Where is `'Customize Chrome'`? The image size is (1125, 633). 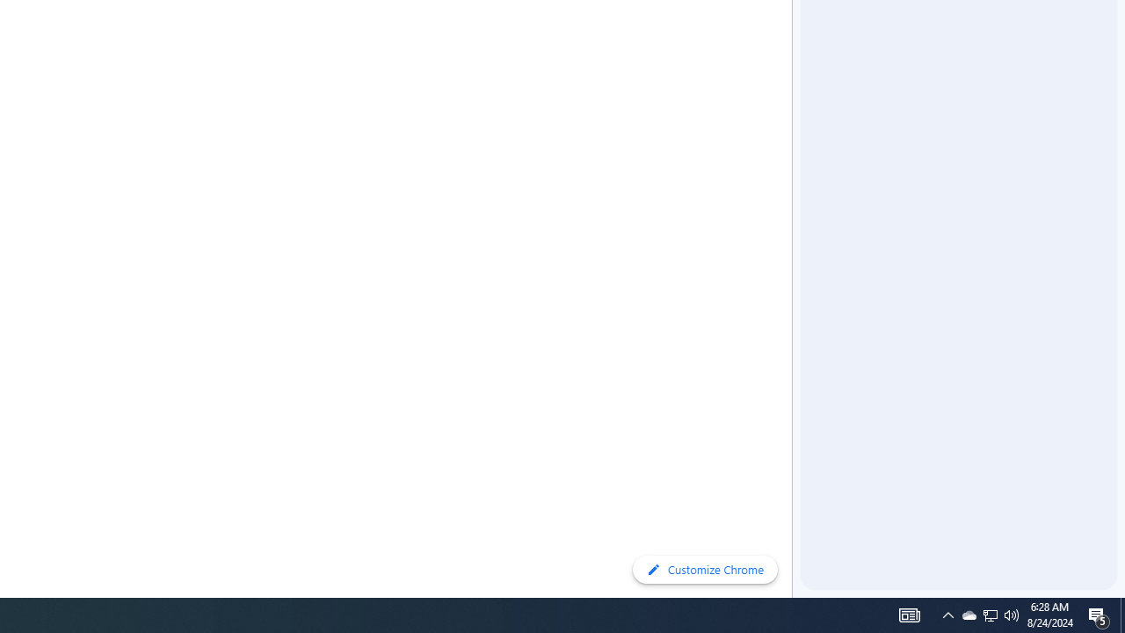 'Customize Chrome' is located at coordinates (704, 570).